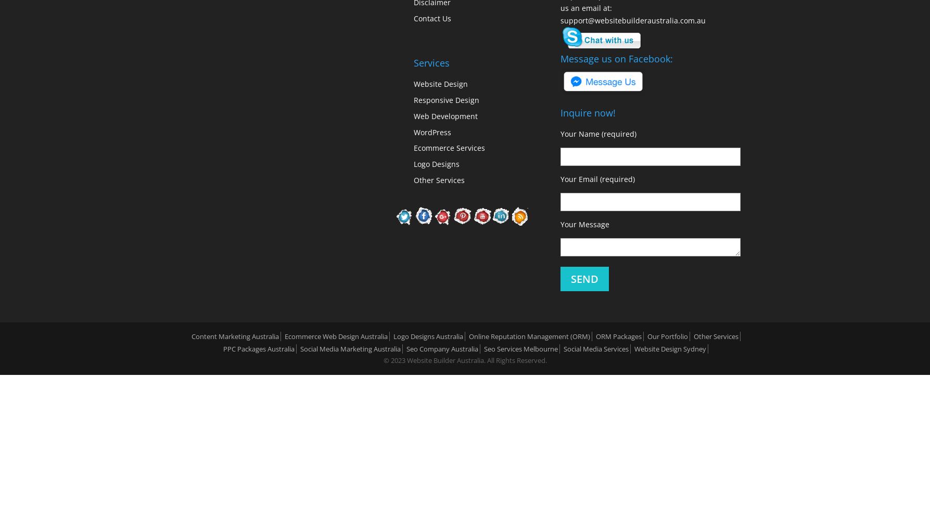  Describe the element at coordinates (560, 112) in the screenshot. I see `'Inquire now!'` at that location.